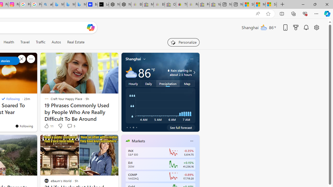 This screenshot has width=333, height=187. Describe the element at coordinates (133, 83) in the screenshot. I see `'Hourly'` at that location.